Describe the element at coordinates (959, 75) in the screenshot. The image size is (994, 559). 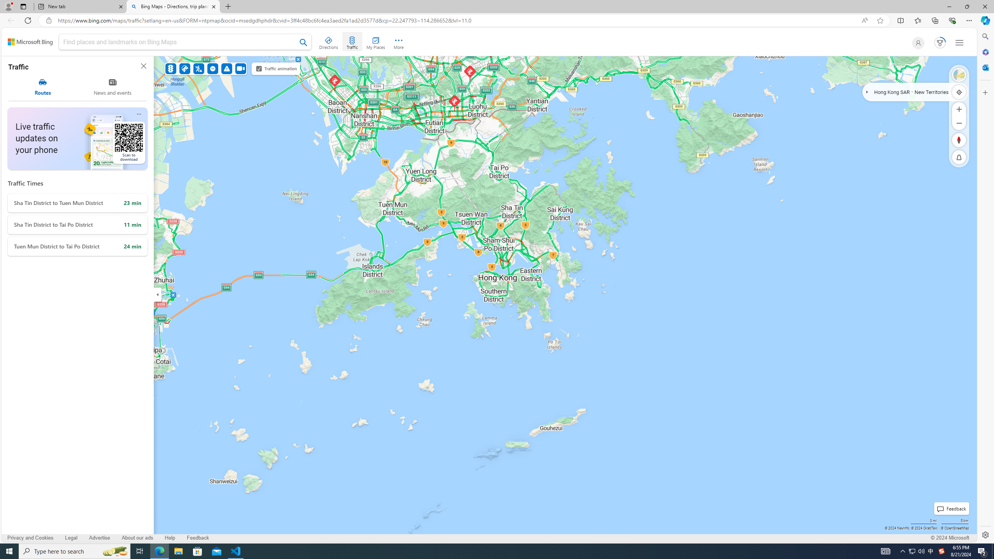
I see `'Streetside'` at that location.